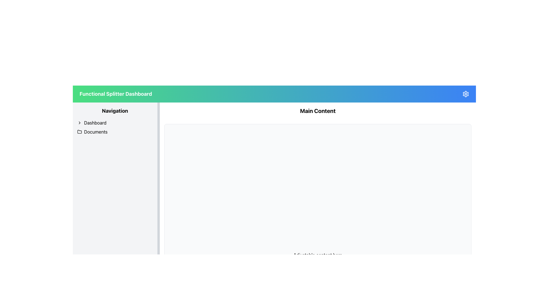 The width and height of the screenshot is (542, 305). I want to click on the gear/settings icon button located on the far right side of the header bar of the 'Functional Splitter Dashboard', so click(466, 93).